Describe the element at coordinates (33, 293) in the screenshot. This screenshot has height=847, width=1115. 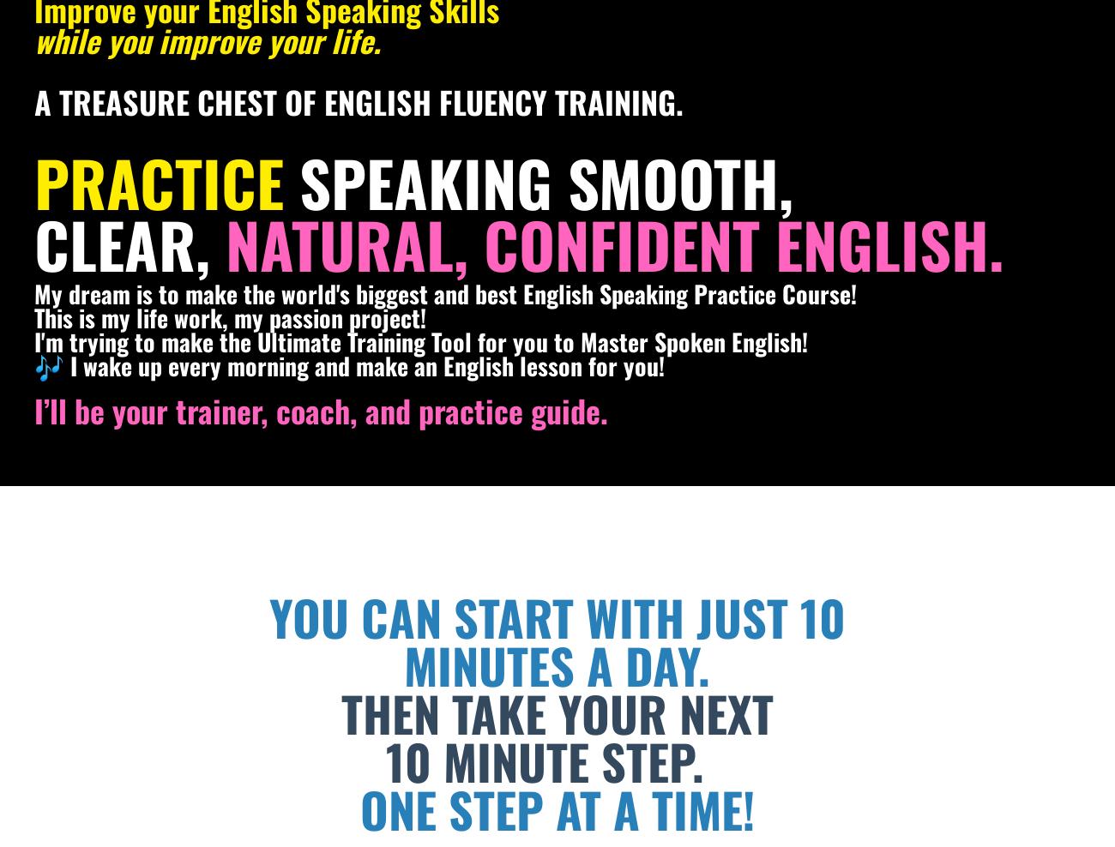
I see `'My dream is to make'` at that location.